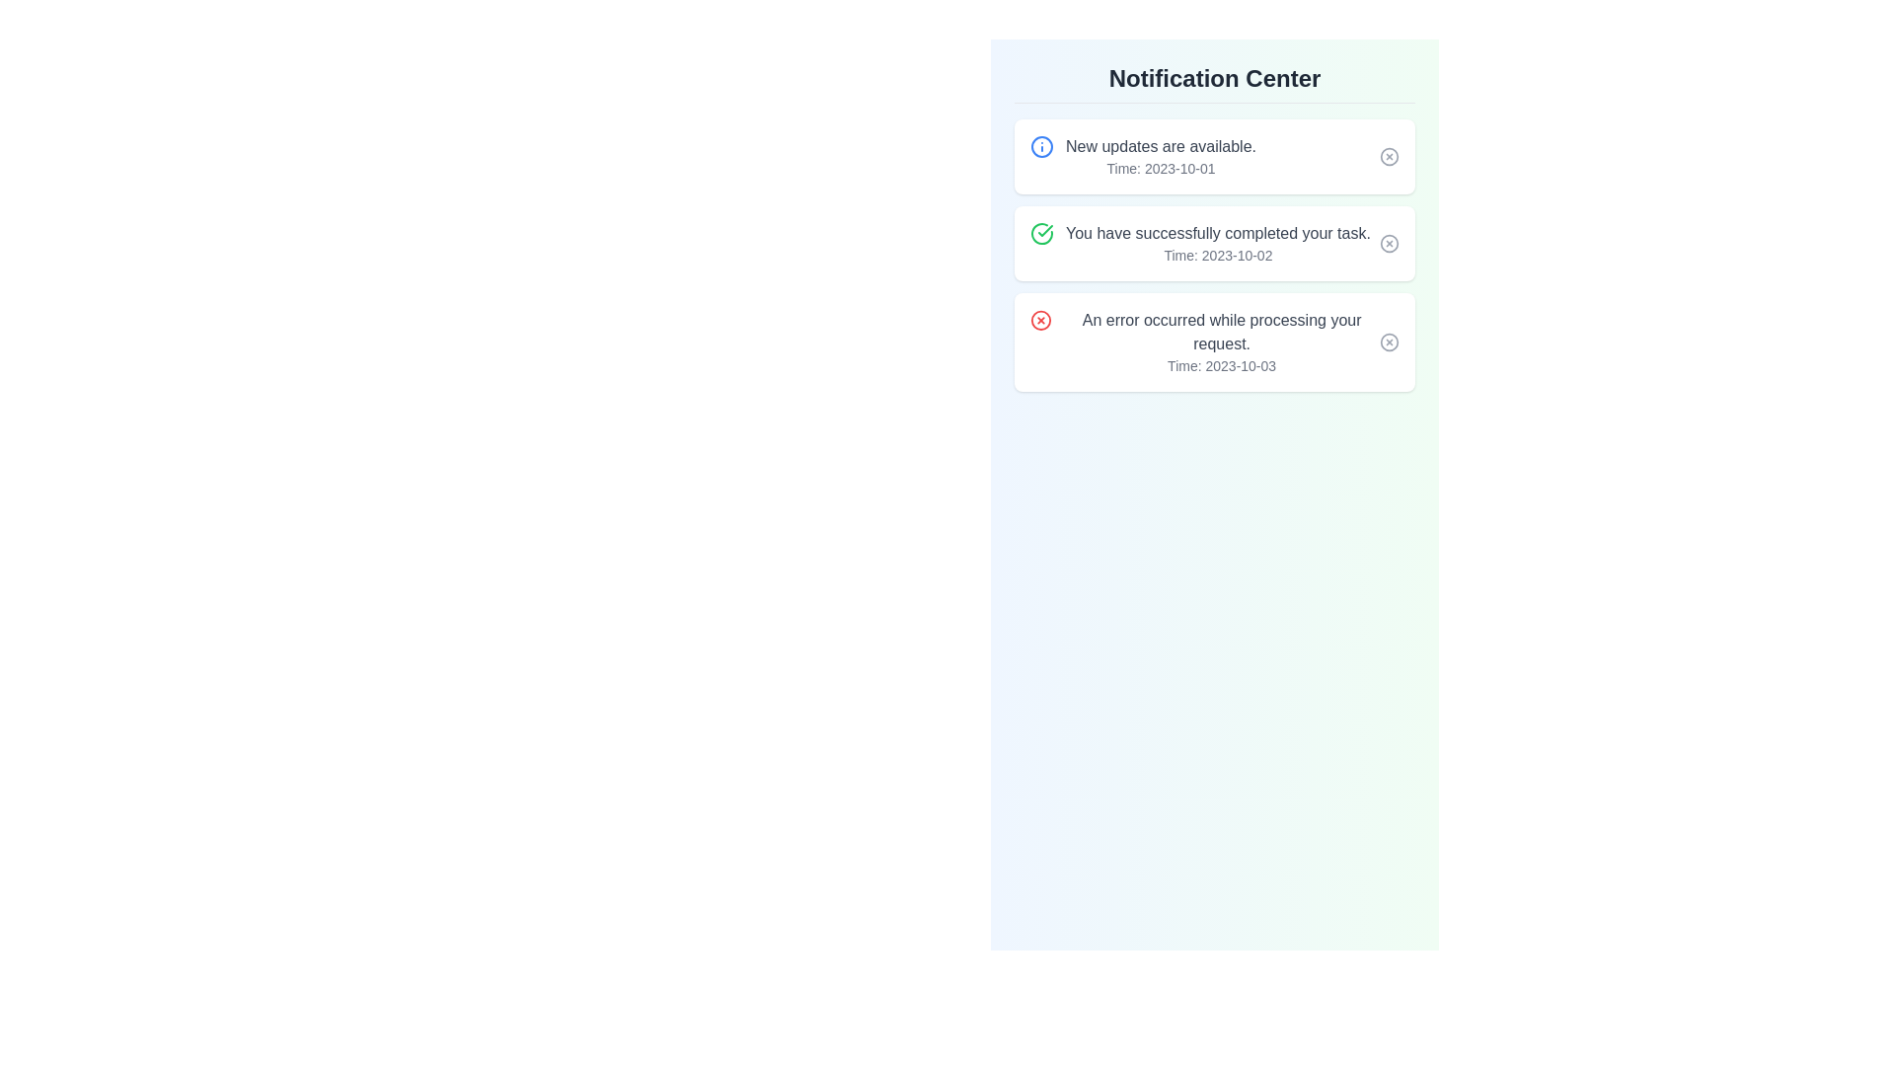 This screenshot has width=1895, height=1066. I want to click on notification content from the text block that displays 'An error occurred while processing your request.' and 'Time: 2023-10-03'. This is the third entry in the notification list, centered horizontally and aligned with a red cross icon to its left, so click(1221, 342).